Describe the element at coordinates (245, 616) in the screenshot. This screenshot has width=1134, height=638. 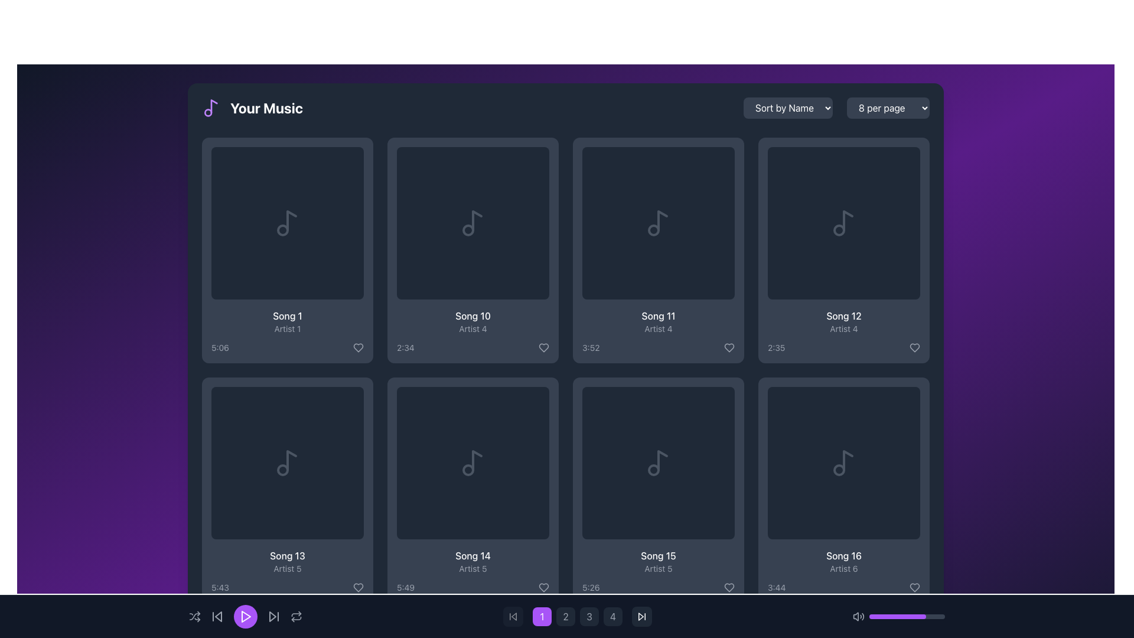
I see `the 'Play' button located centrally in the bottom playback control bar` at that location.